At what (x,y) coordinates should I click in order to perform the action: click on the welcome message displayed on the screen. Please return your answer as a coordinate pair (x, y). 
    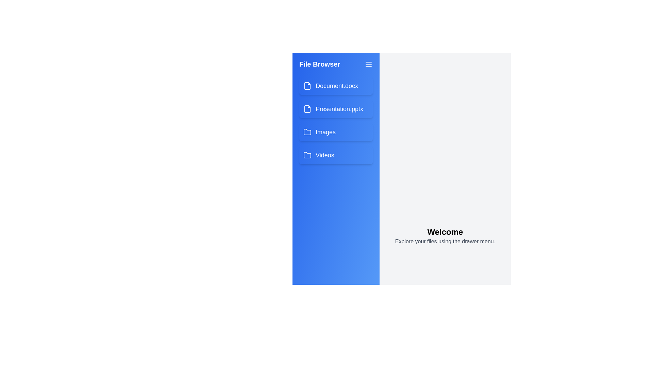
    Looking at the image, I should click on (445, 235).